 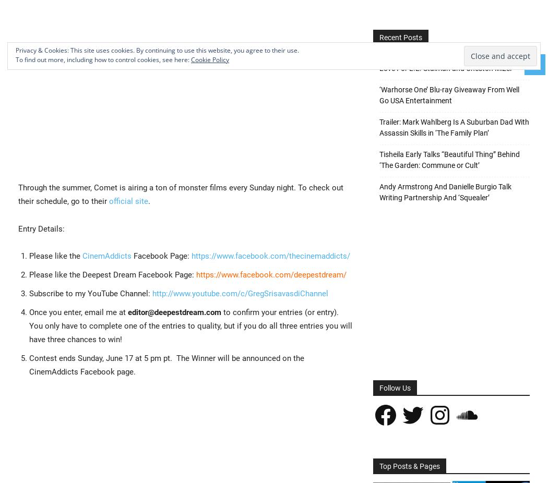 I want to click on 'Subscribe to my YouTube Channel:', so click(x=90, y=292).